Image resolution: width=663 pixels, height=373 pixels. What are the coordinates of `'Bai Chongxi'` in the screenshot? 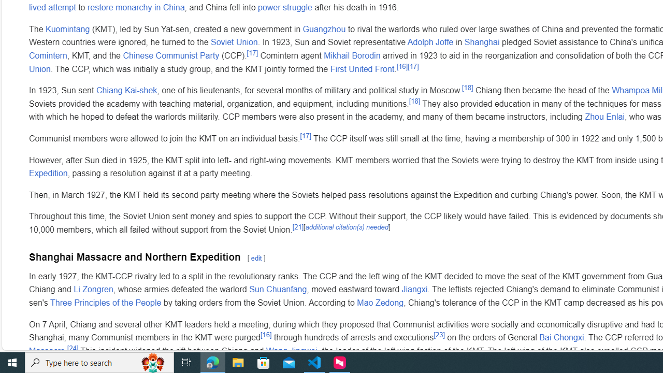 It's located at (561, 337).